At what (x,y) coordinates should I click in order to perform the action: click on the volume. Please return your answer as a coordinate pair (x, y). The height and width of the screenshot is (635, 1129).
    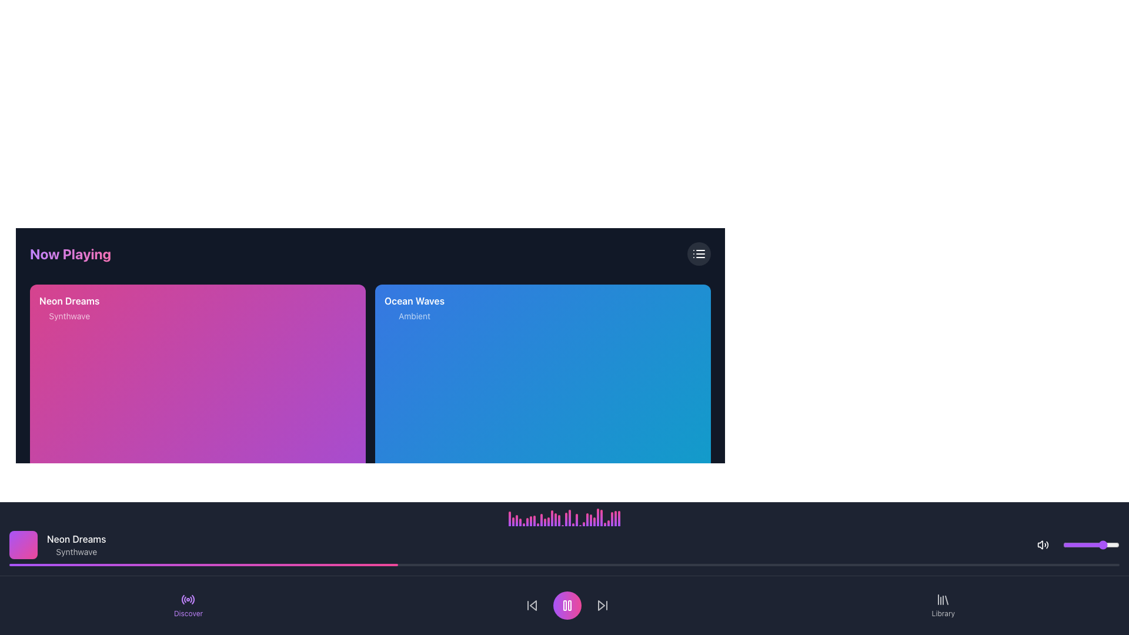
    Looking at the image, I should click on (1101, 544).